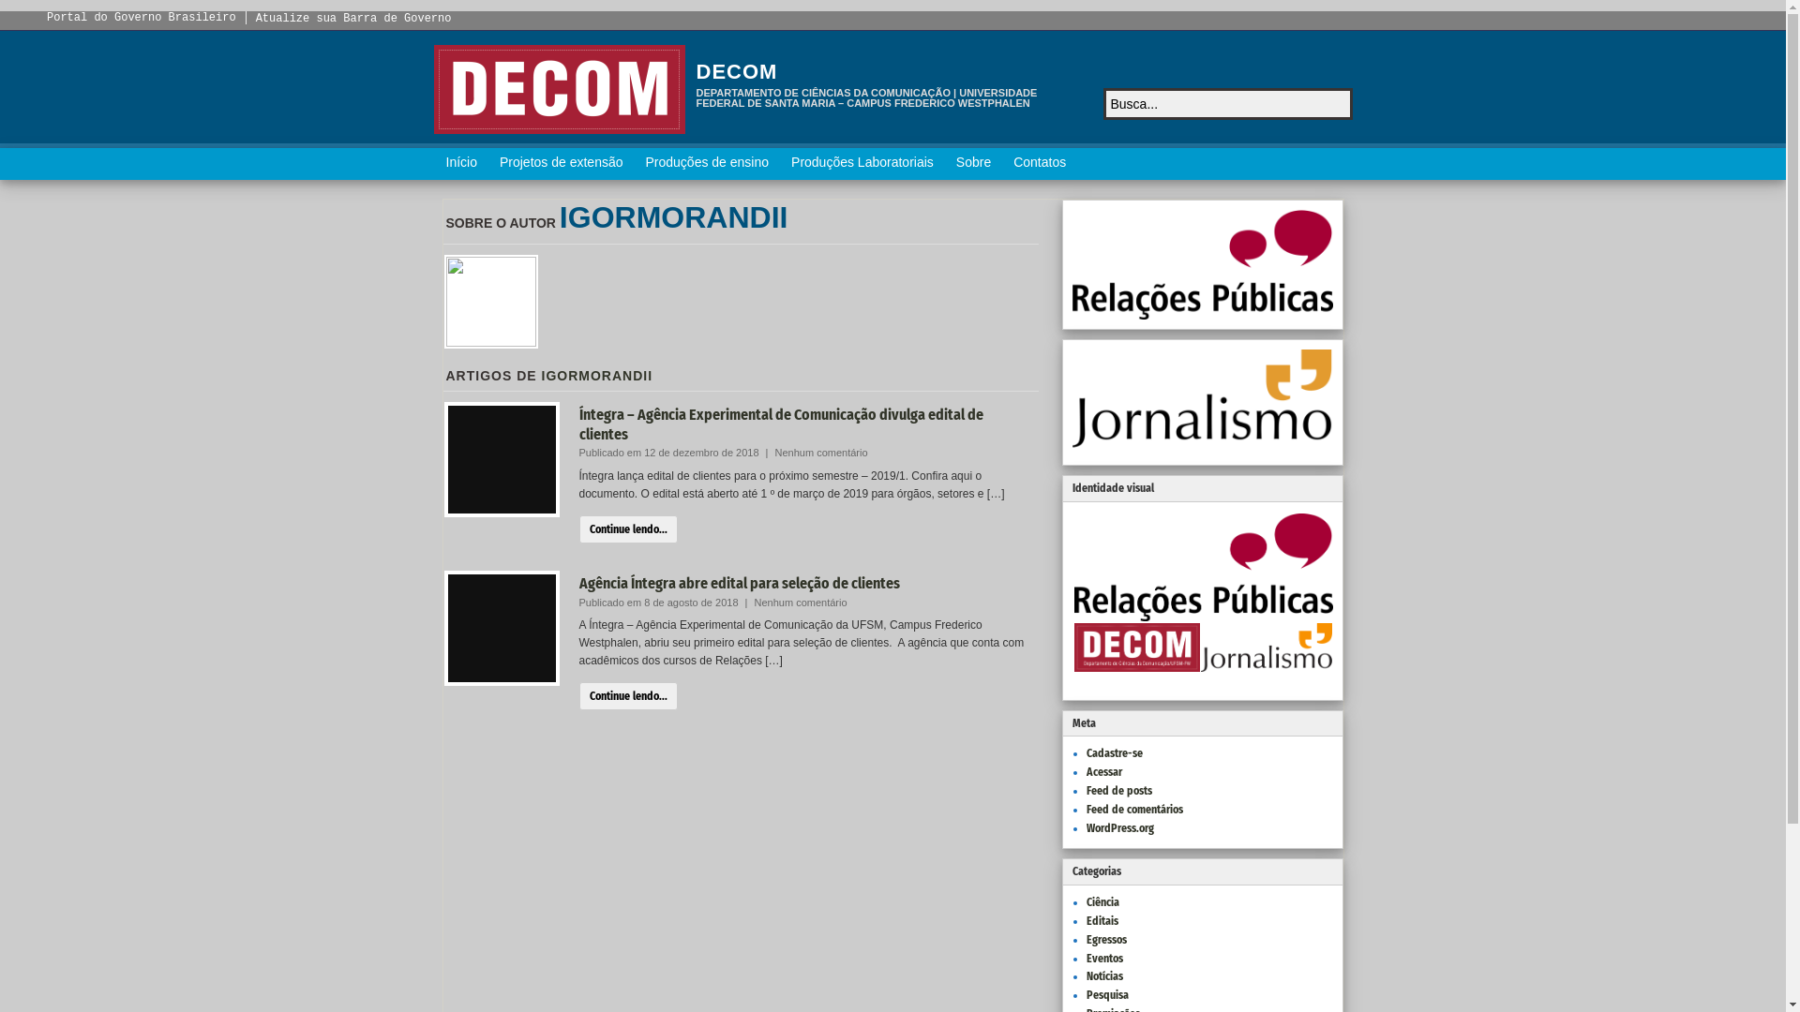 This screenshot has height=1012, width=1800. What do you see at coordinates (1105, 939) in the screenshot?
I see `'Egressos'` at bounding box center [1105, 939].